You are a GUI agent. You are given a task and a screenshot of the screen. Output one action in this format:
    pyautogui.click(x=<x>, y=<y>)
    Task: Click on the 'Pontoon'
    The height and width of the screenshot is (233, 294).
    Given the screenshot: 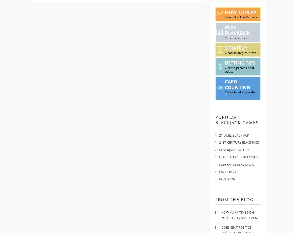 What is the action you would take?
    pyautogui.click(x=227, y=179)
    